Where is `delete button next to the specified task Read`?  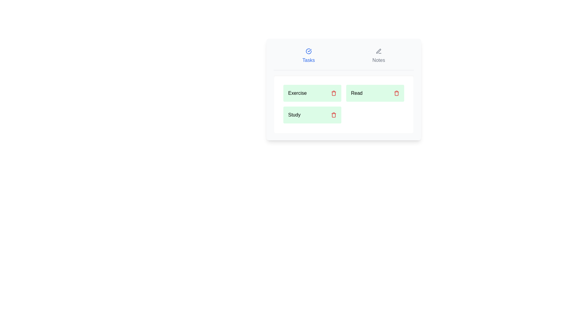 delete button next to the specified task Read is located at coordinates (397, 93).